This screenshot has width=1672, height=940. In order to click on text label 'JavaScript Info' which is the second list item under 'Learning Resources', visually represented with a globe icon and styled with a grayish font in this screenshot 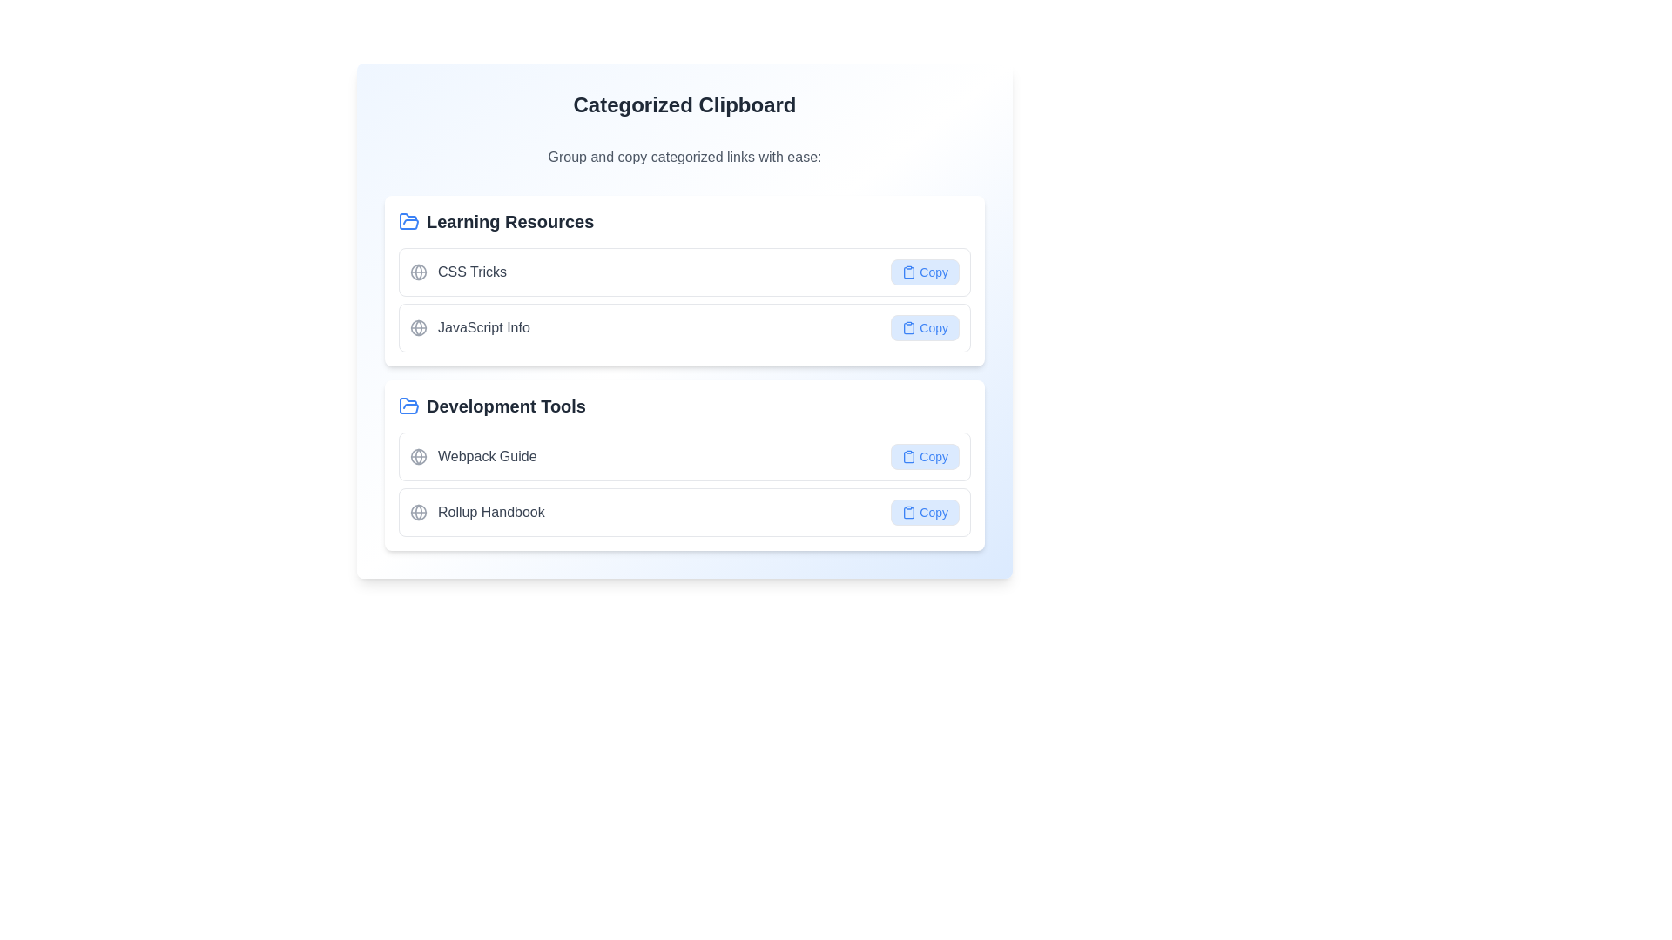, I will do `click(469, 328)`.